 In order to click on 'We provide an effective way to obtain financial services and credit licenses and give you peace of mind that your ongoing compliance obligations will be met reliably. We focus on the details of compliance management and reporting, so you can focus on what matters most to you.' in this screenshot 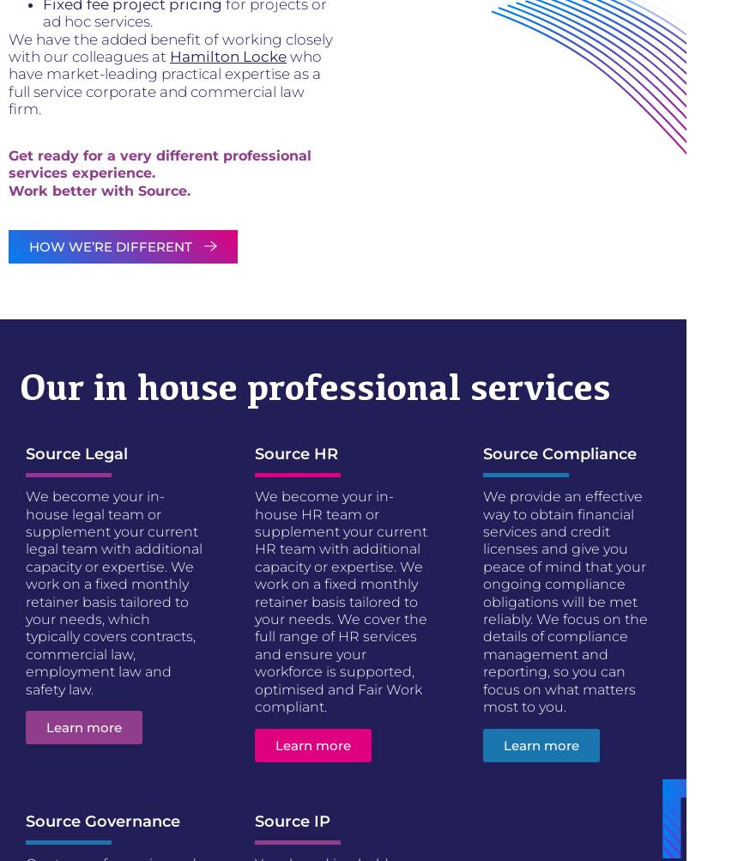, I will do `click(565, 601)`.